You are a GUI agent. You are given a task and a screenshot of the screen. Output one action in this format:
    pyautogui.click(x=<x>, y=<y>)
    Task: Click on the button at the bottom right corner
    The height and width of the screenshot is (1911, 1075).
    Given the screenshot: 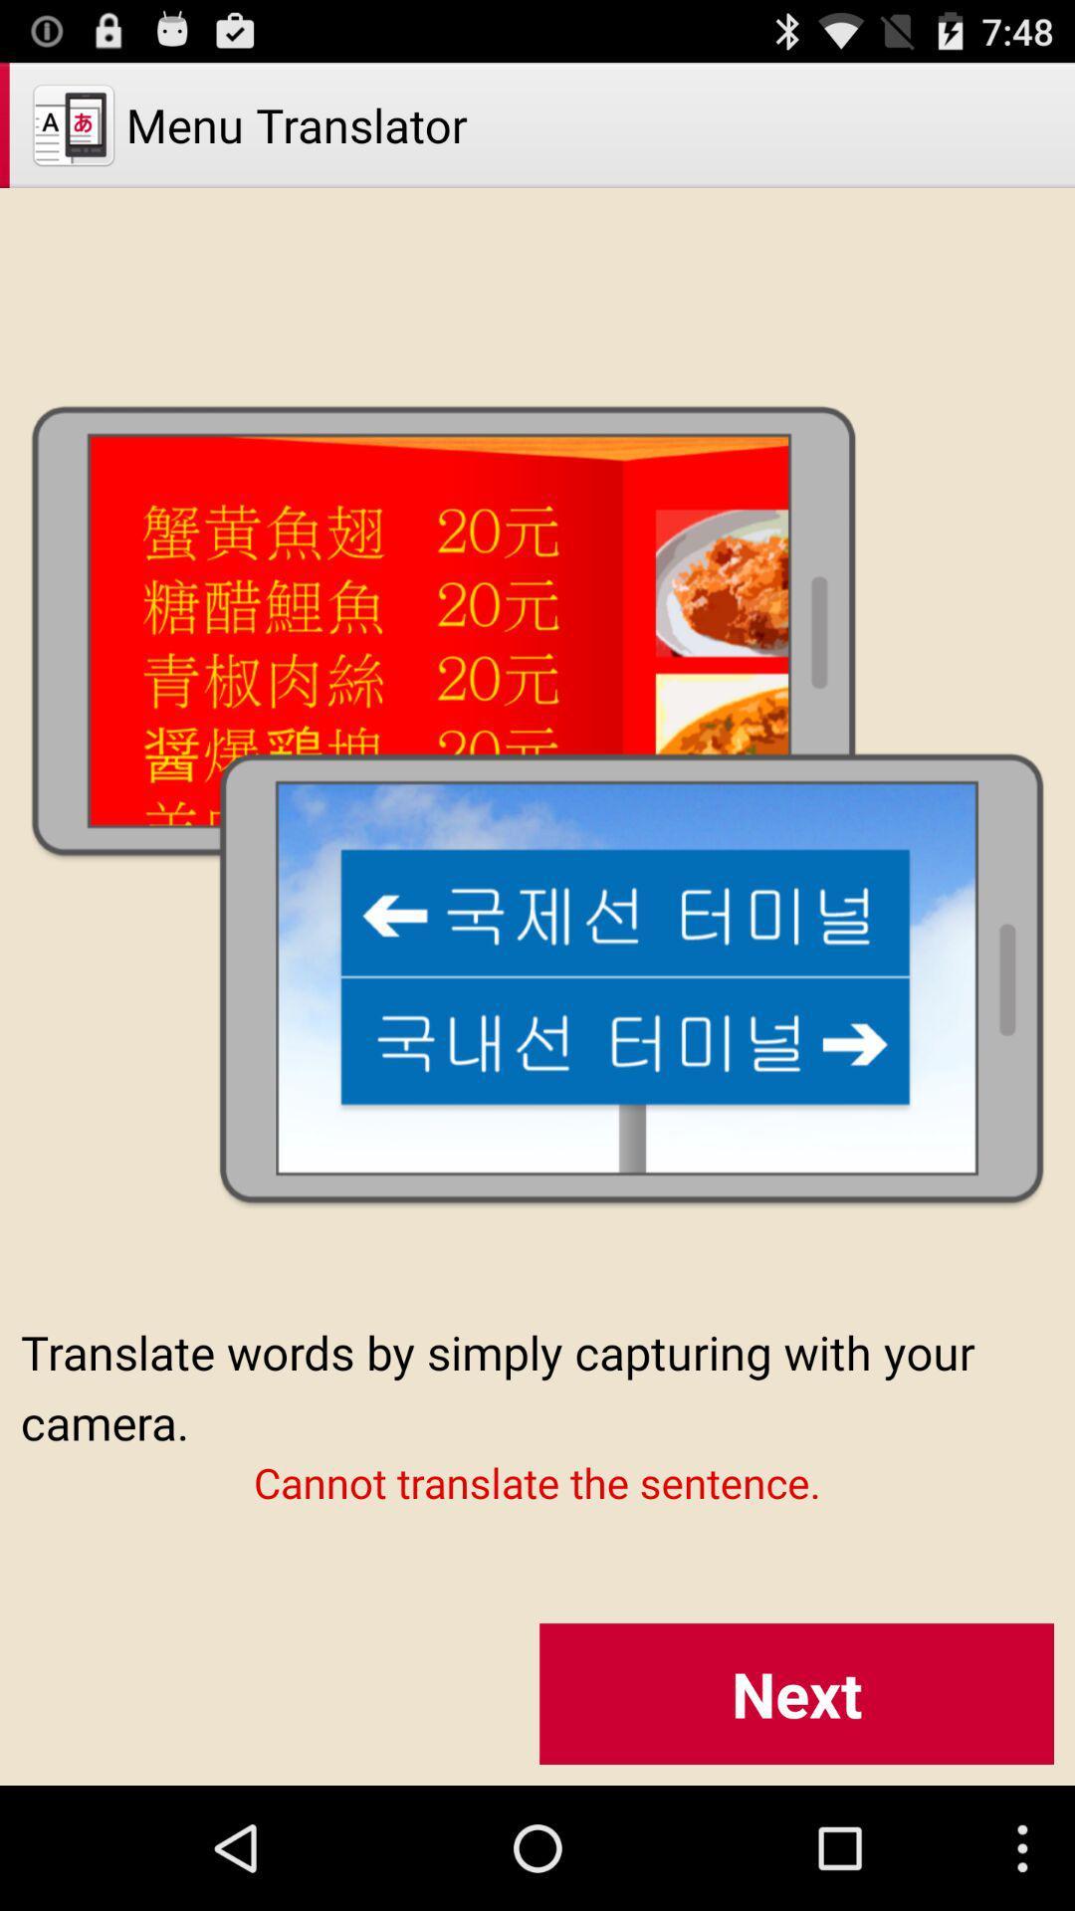 What is the action you would take?
    pyautogui.click(x=795, y=1693)
    